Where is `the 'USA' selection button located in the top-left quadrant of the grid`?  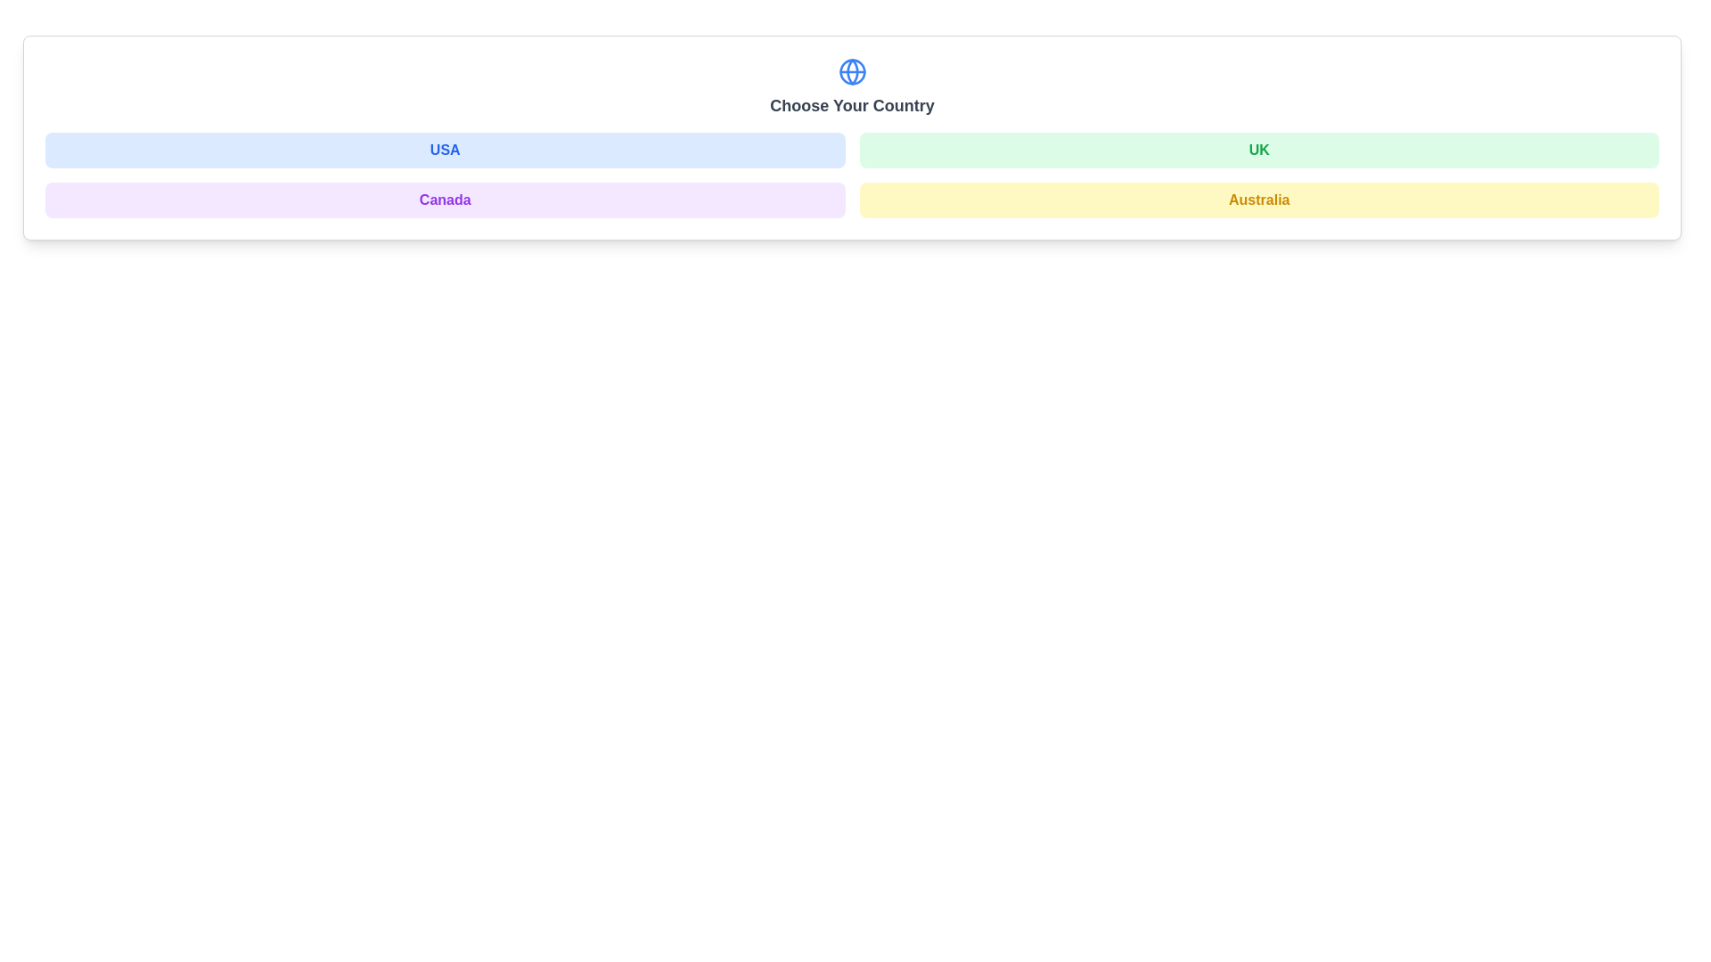
the 'USA' selection button located in the top-left quadrant of the grid is located at coordinates (445, 150).